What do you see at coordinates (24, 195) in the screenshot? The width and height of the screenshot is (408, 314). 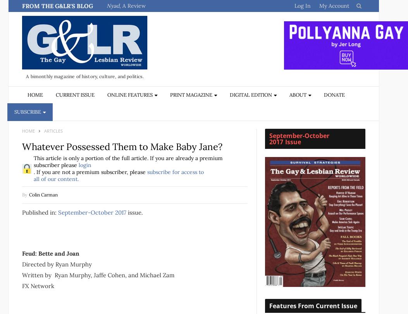 I see `'By'` at bounding box center [24, 195].